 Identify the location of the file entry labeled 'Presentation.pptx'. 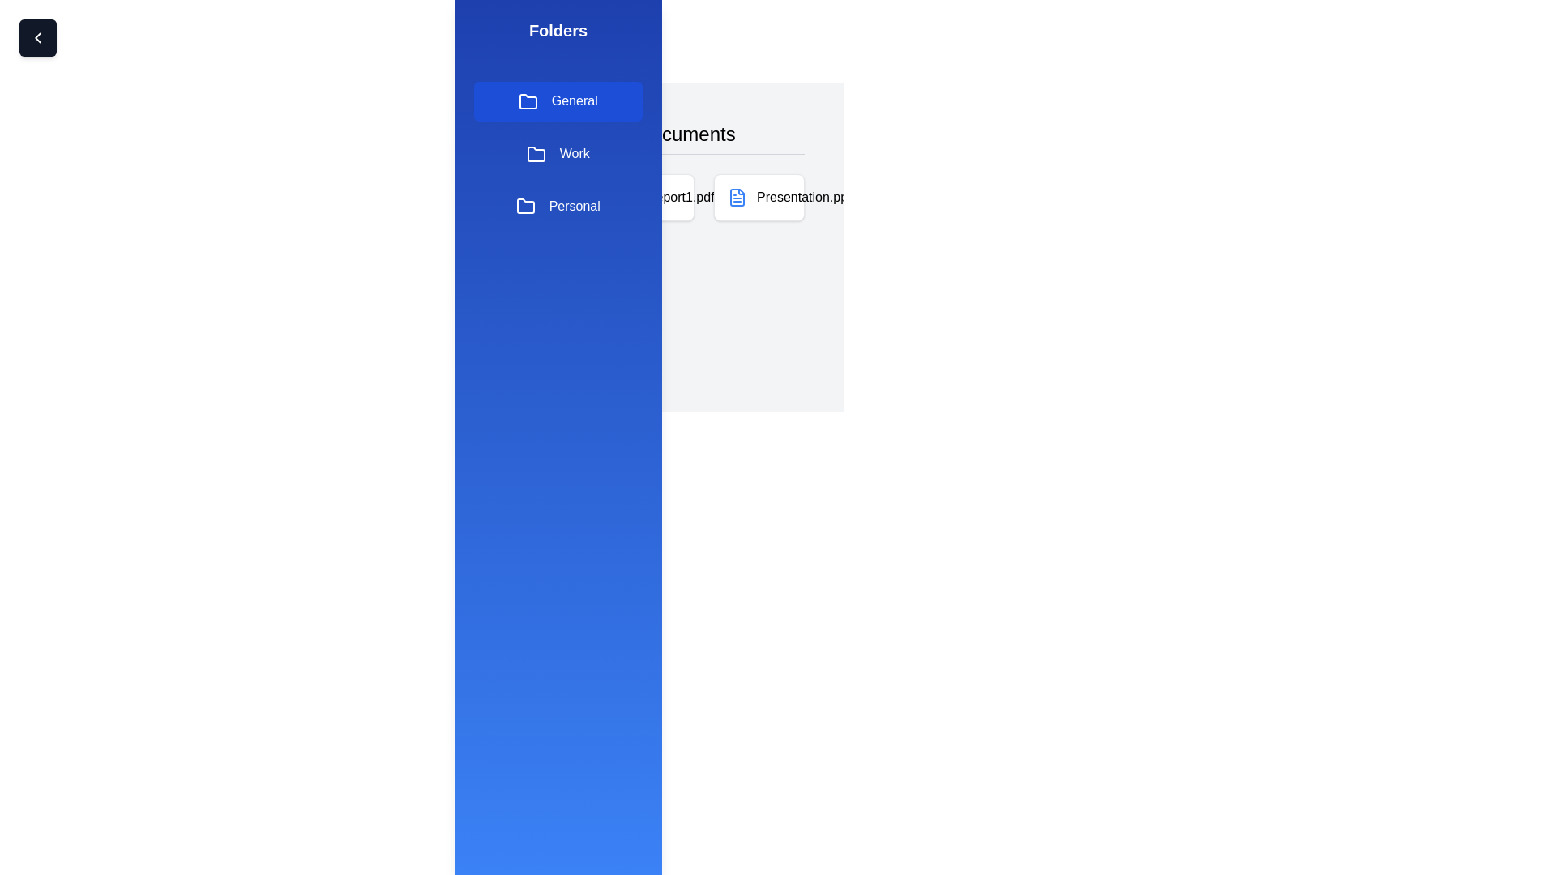
(793, 196).